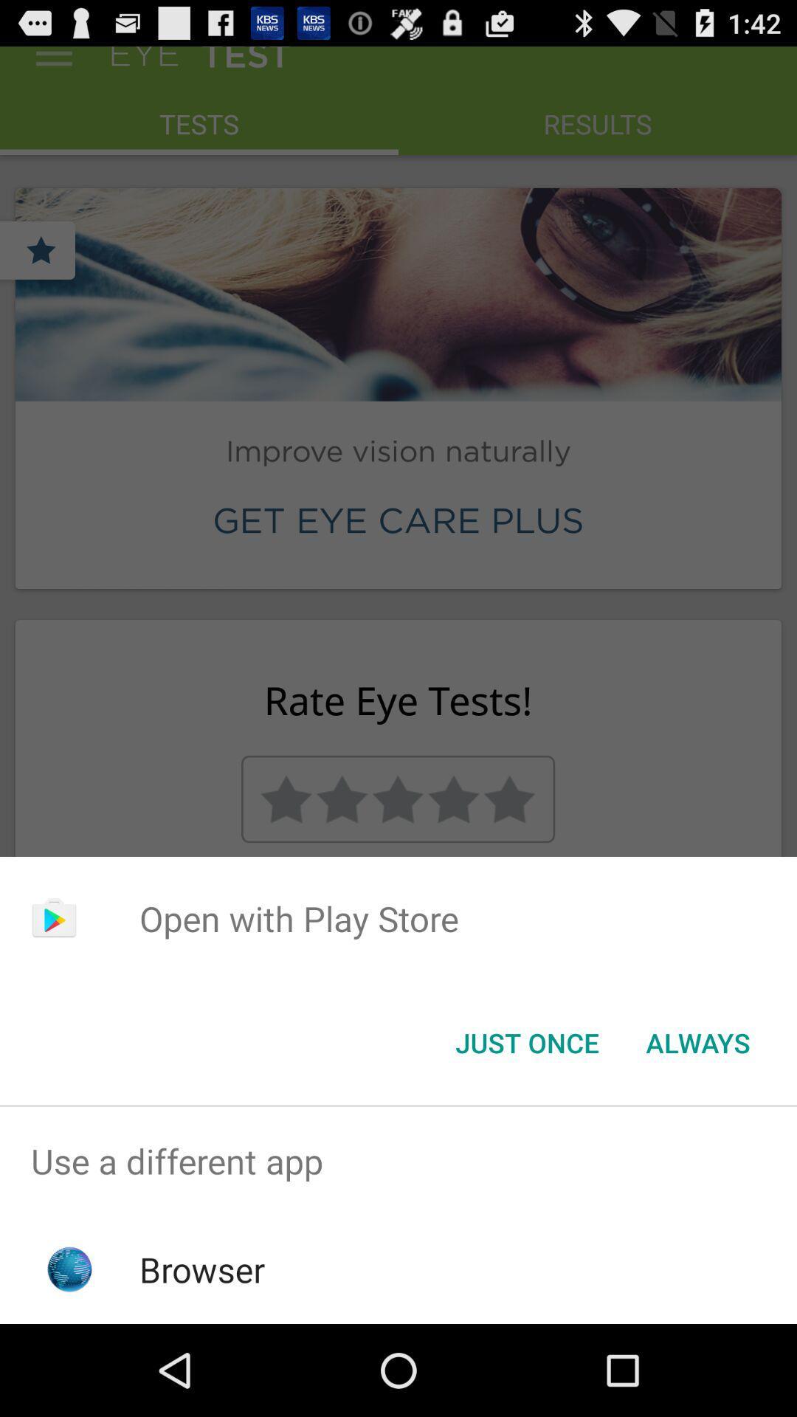  Describe the element at coordinates (697, 1041) in the screenshot. I see `icon next to the just once icon` at that location.